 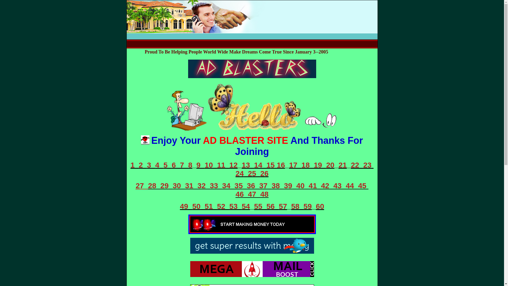 What do you see at coordinates (248, 165) in the screenshot?
I see `'13 '` at bounding box center [248, 165].